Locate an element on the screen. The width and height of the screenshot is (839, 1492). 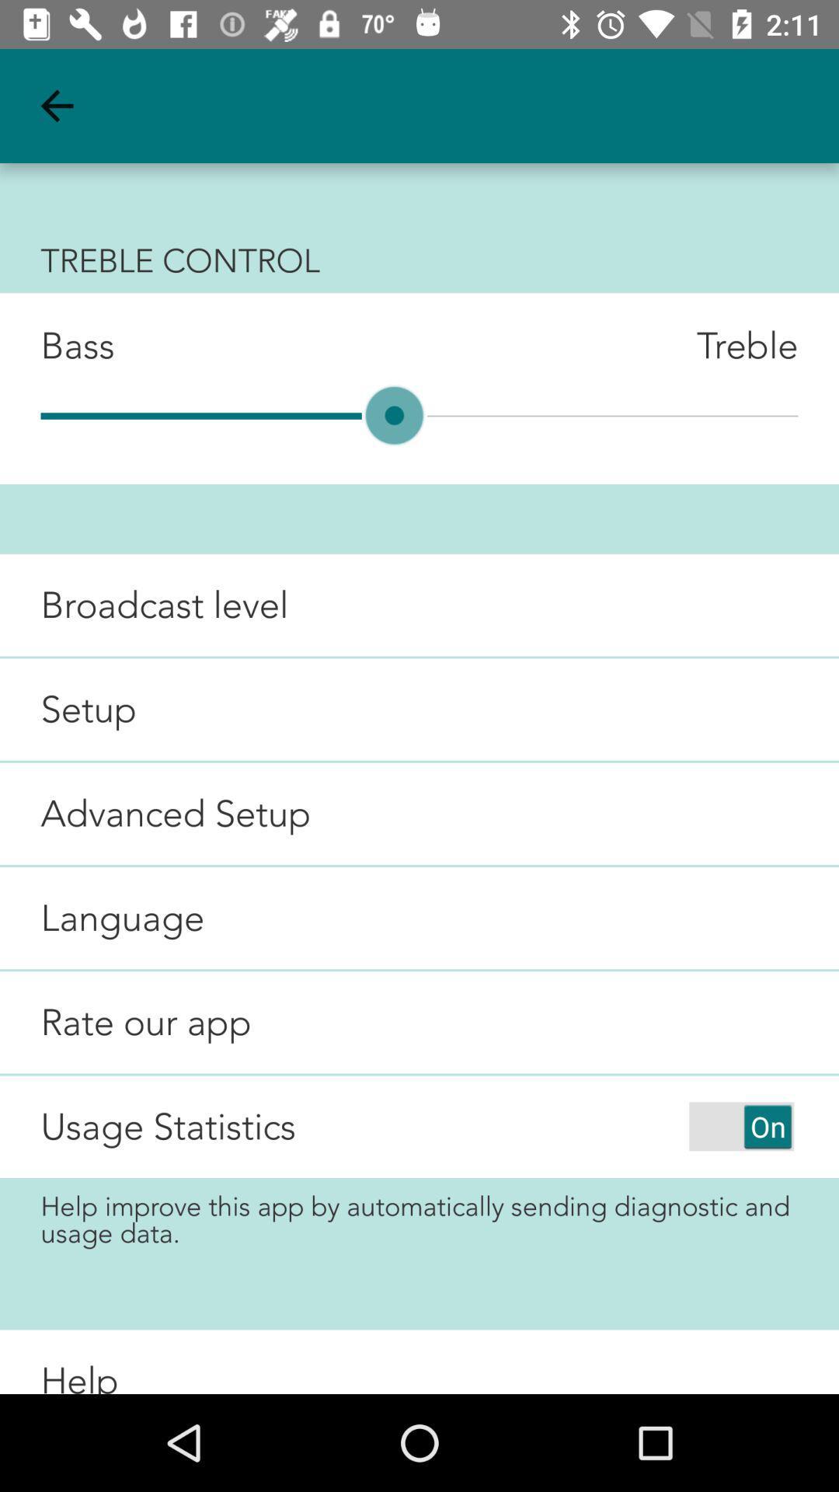
icon to the right of the usage statistics is located at coordinates (740, 1126).